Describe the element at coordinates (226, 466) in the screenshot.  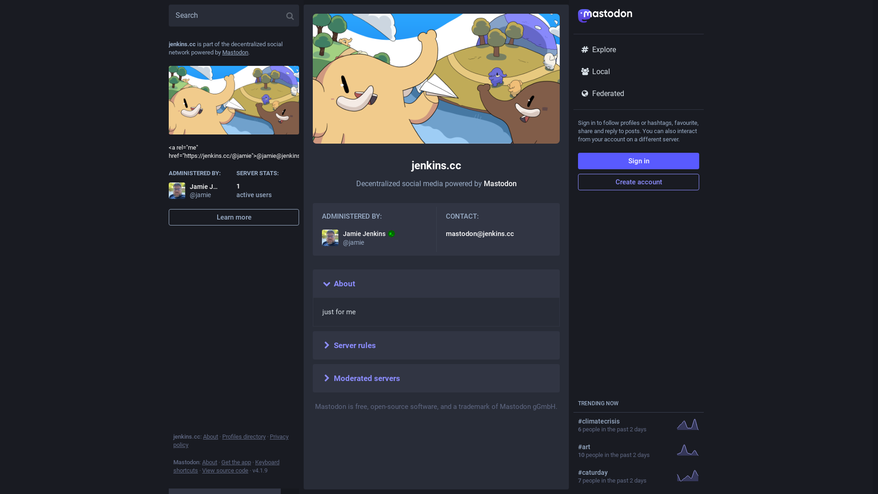
I see `'Keyboard shortcuts'` at that location.